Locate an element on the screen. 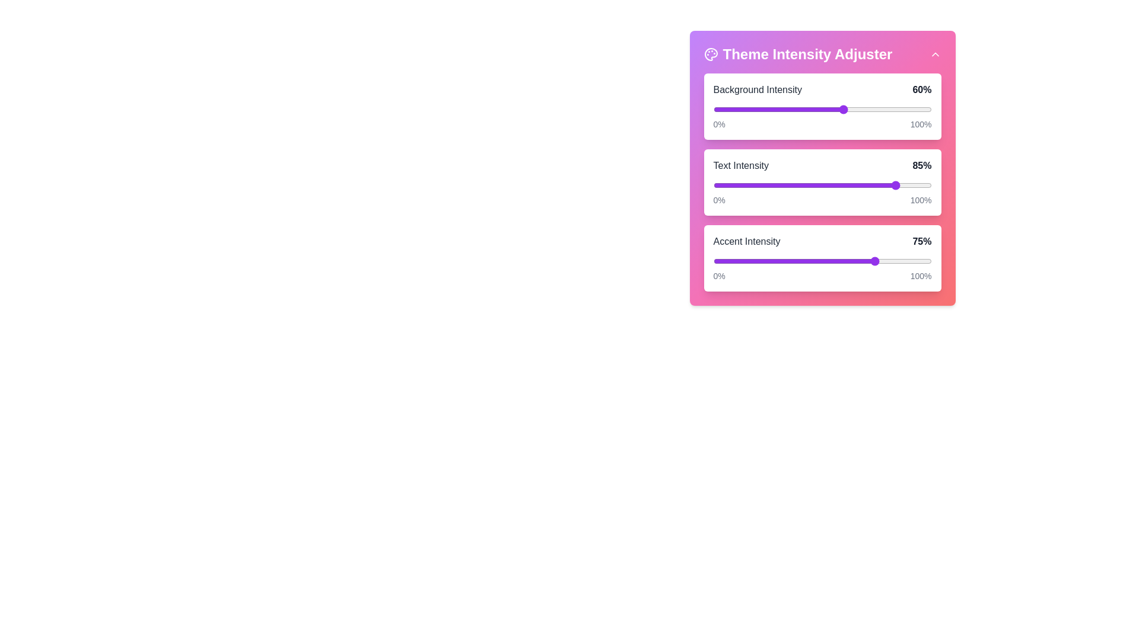 This screenshot has height=640, width=1139. the background intensity is located at coordinates (770, 110).